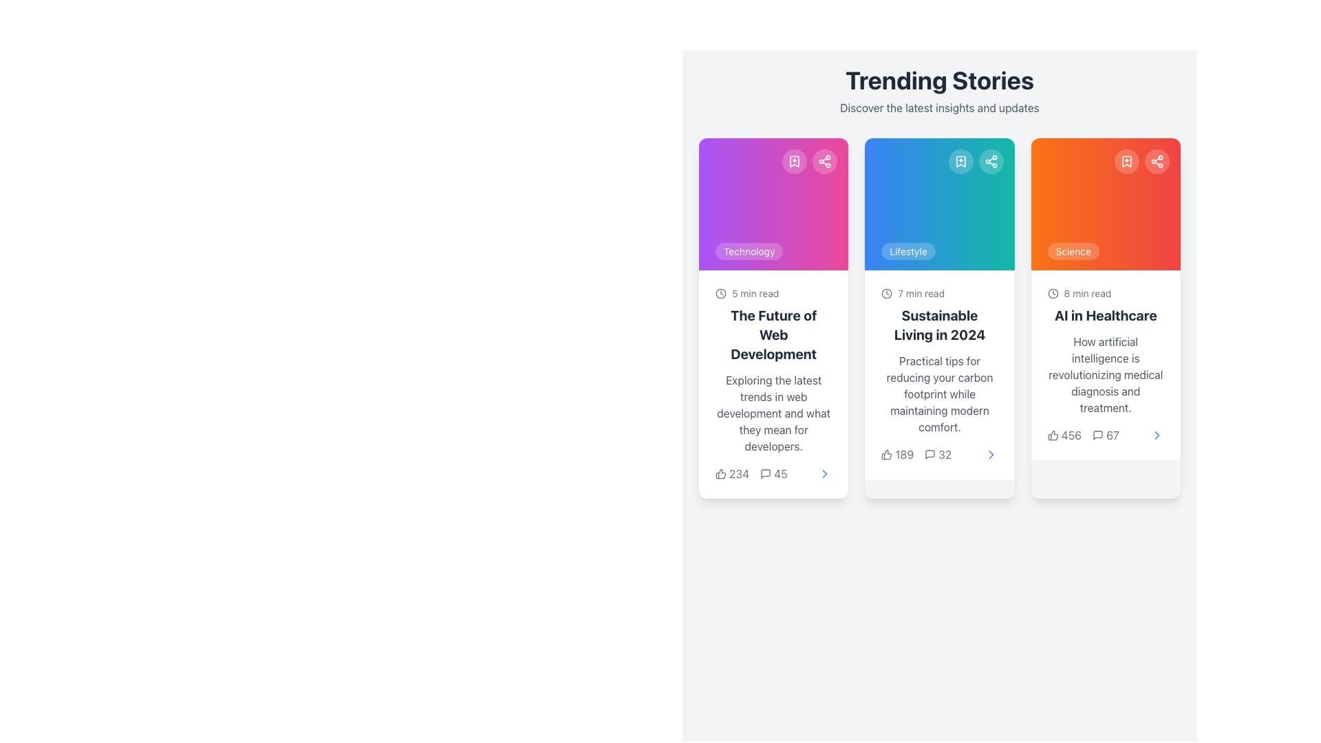 The width and height of the screenshot is (1321, 743). I want to click on the circular share button with a red background and white icon, located at the top-right corner of the 'AI in Healthcare' card, so click(1156, 161).